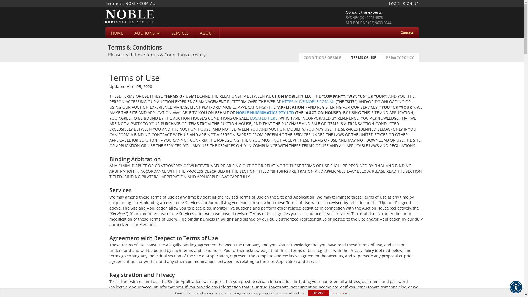 Image resolution: width=528 pixels, height=297 pixels. What do you see at coordinates (263, 118) in the screenshot?
I see `'LOCATED HERE'` at bounding box center [263, 118].